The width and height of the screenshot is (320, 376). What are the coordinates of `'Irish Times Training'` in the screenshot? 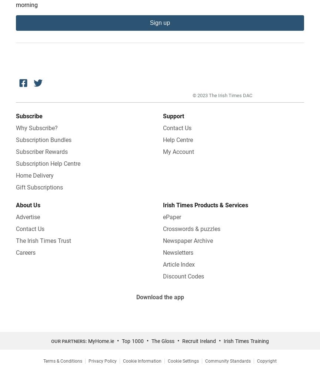 It's located at (246, 340).